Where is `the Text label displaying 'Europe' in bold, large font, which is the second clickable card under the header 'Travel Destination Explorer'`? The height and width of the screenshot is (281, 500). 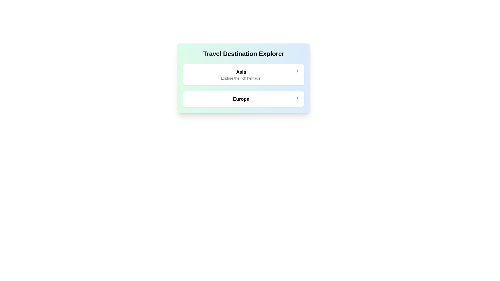 the Text label displaying 'Europe' in bold, large font, which is the second clickable card under the header 'Travel Destination Explorer' is located at coordinates (241, 99).